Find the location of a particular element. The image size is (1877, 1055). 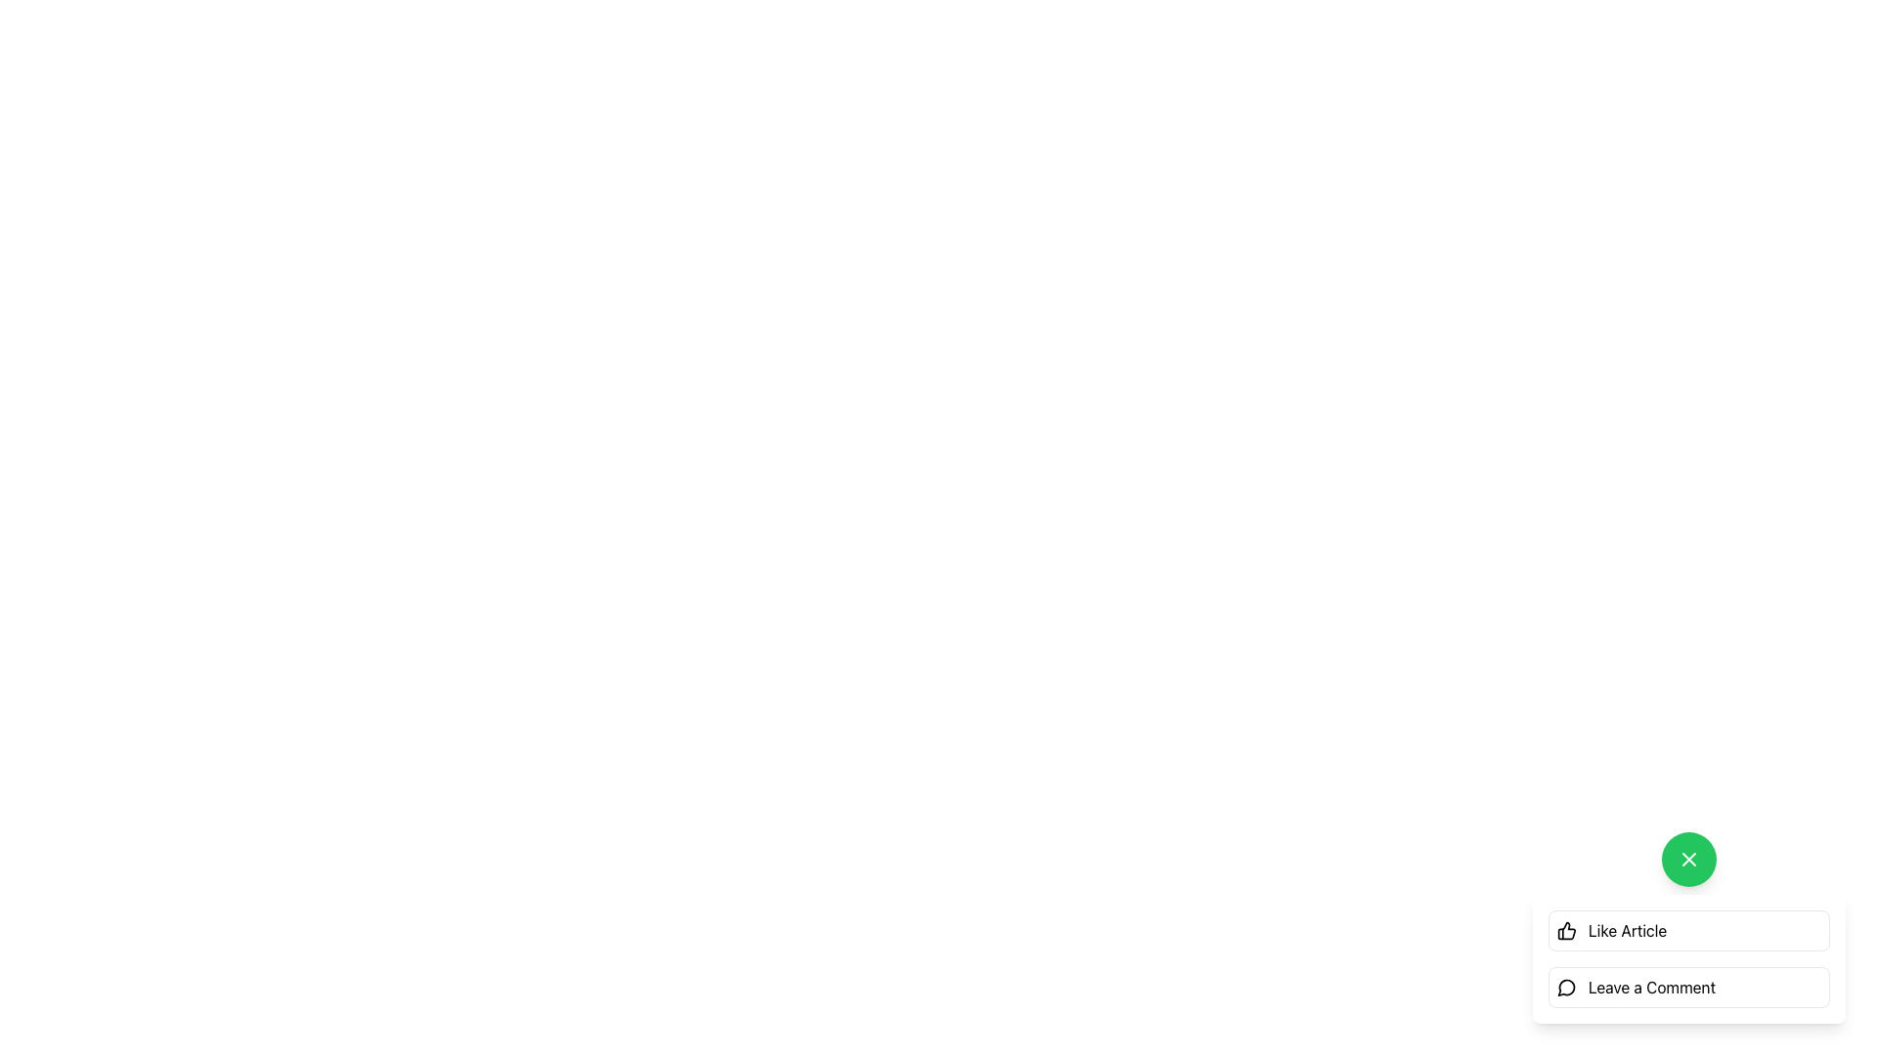

the thumbs-up icon resembling a like button located in the lower right corner above the 'Leave a Comment' option is located at coordinates (1567, 929).